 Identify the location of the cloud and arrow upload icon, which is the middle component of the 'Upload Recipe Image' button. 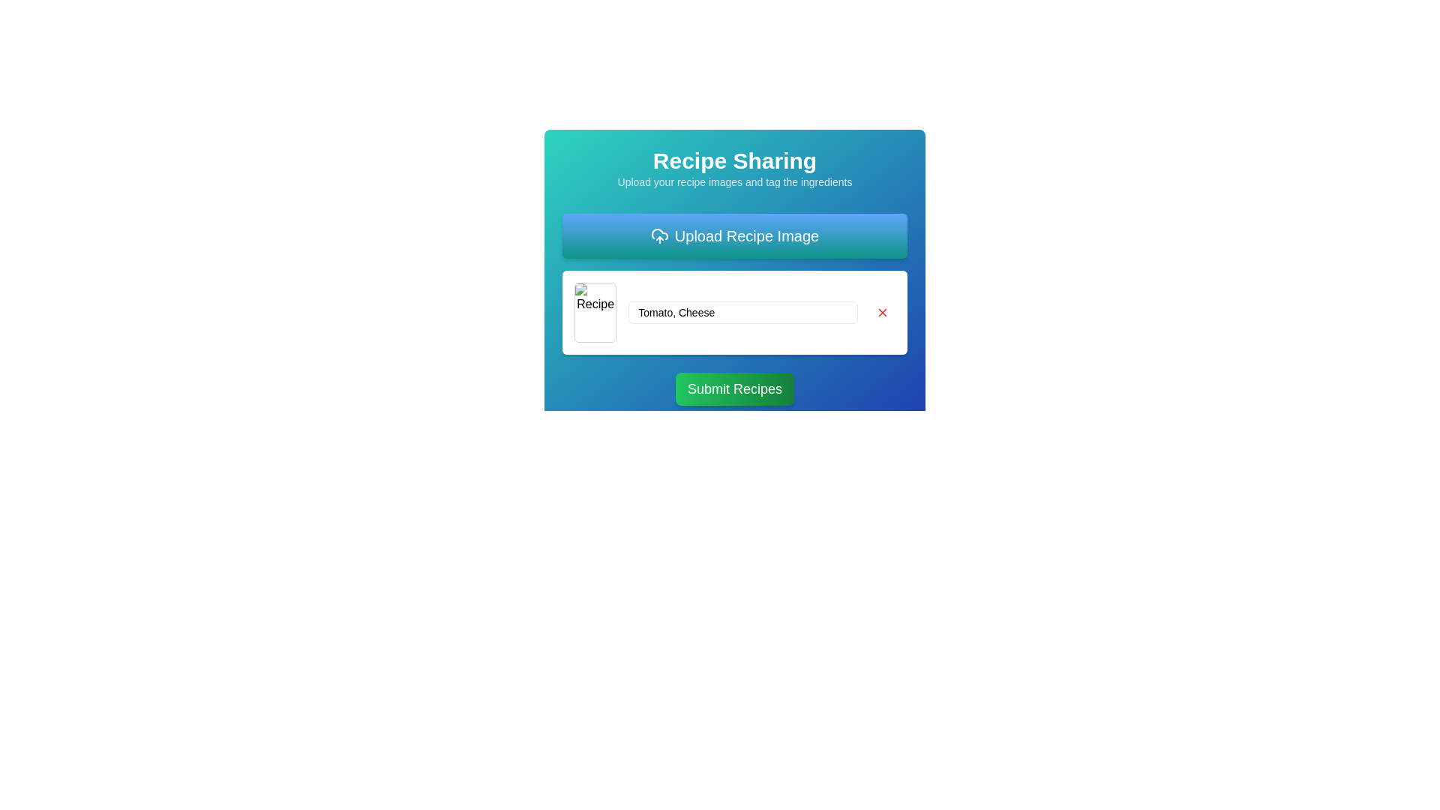
(659, 234).